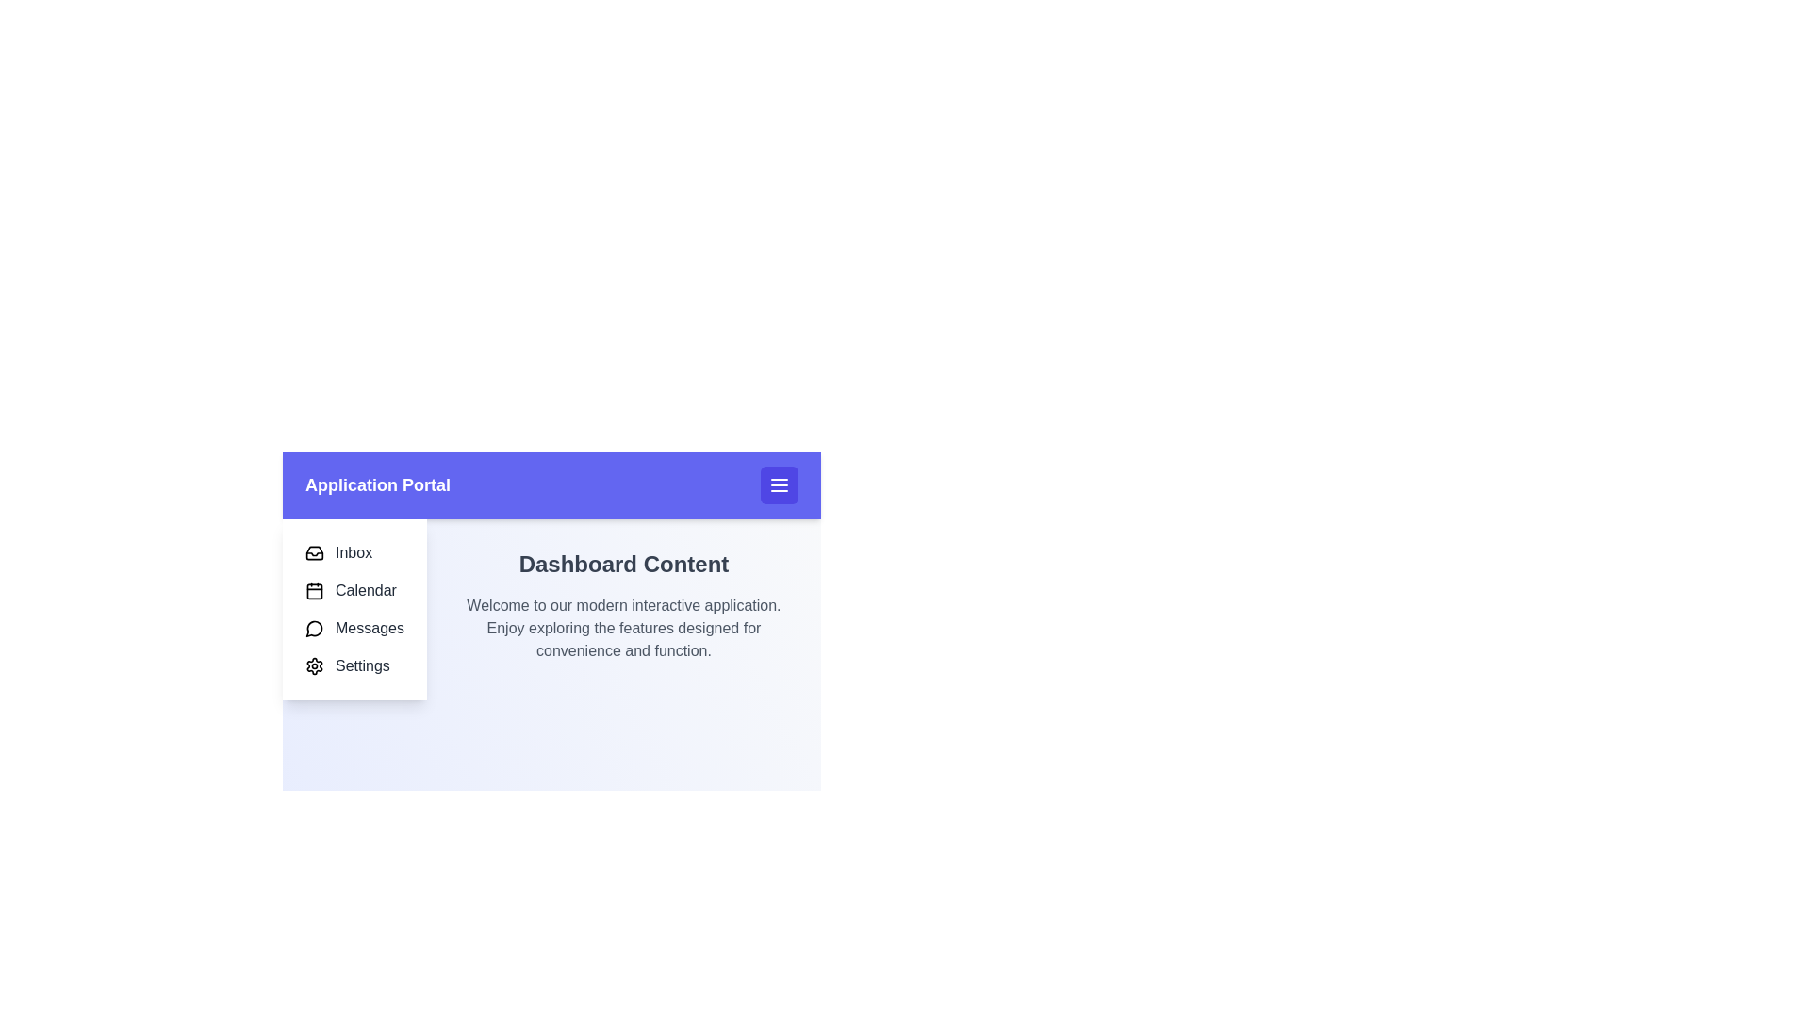  Describe the element at coordinates (315, 665) in the screenshot. I see `the gear icon representing the 'Settings' menu option located in the left sidebar navigation menu, which is the fourth item beneath 'Messages'` at that location.